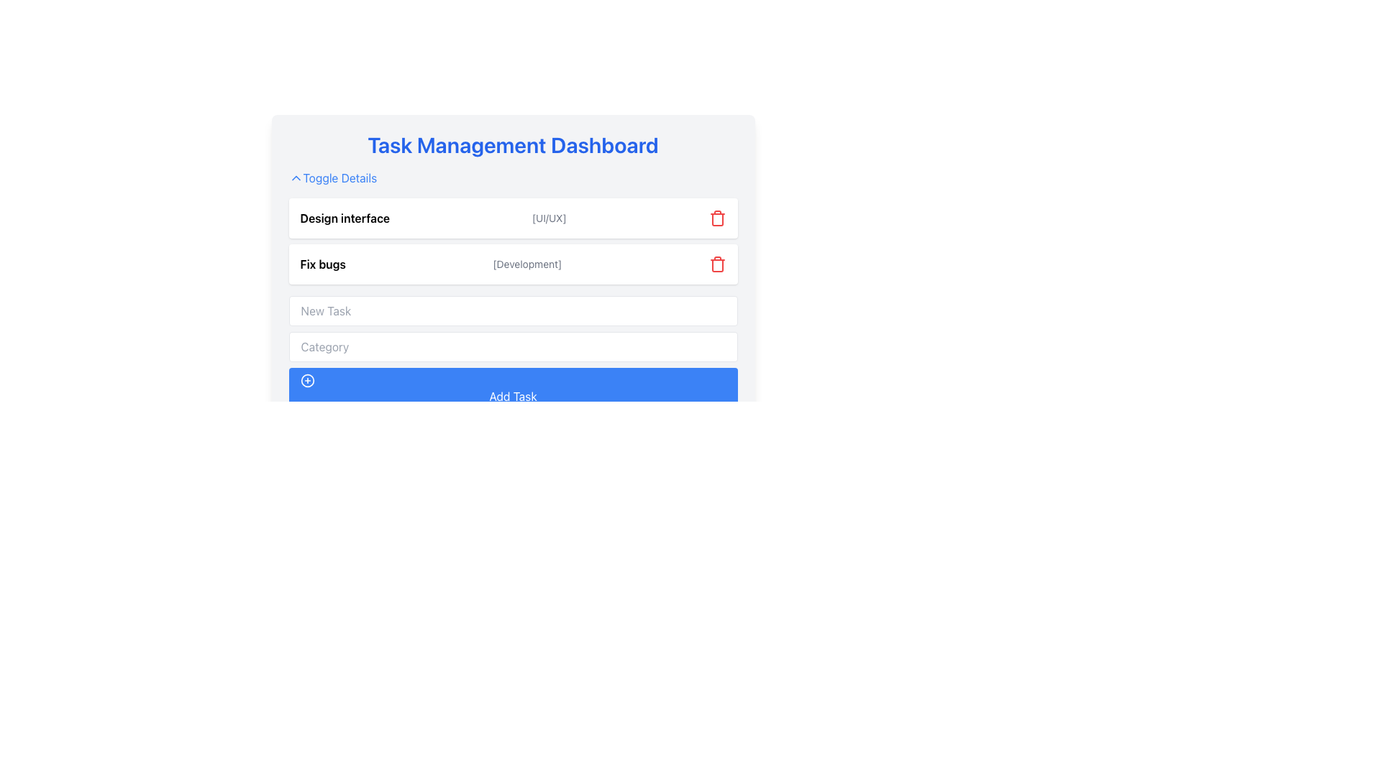 The width and height of the screenshot is (1381, 776). What do you see at coordinates (513, 264) in the screenshot?
I see `task title 'Fix bugs' and category '[Development]' from the clickable card with a delete action, which is the second card in the vertical stack of task entries` at bounding box center [513, 264].